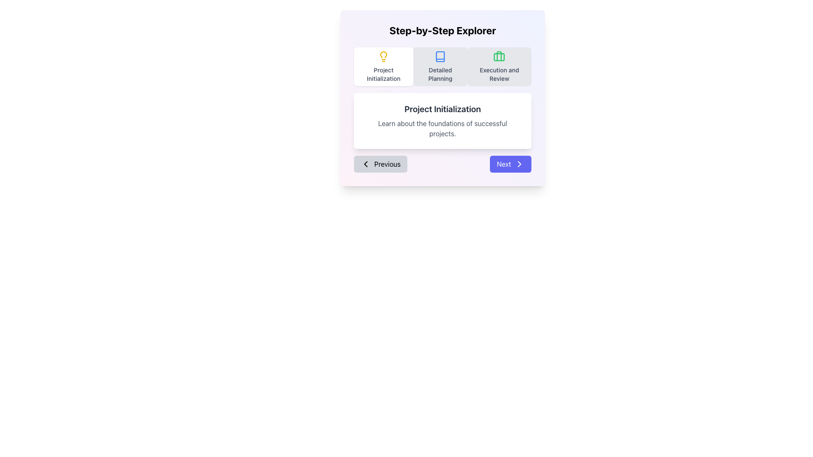 The height and width of the screenshot is (457, 813). What do you see at coordinates (440, 66) in the screenshot?
I see `the 'Detailed Planning' button, which is the second button from the left in a row of three buttons, featuring a light gray background, rounded corners, and a blue icon resembling a book or folder above the label` at bounding box center [440, 66].